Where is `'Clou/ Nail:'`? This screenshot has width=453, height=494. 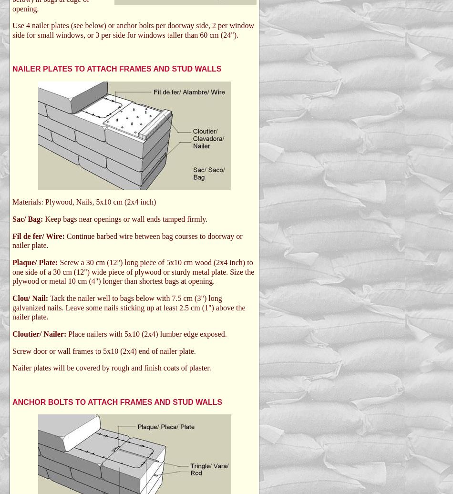
'Clou/ Nail:' is located at coordinates (12, 298).